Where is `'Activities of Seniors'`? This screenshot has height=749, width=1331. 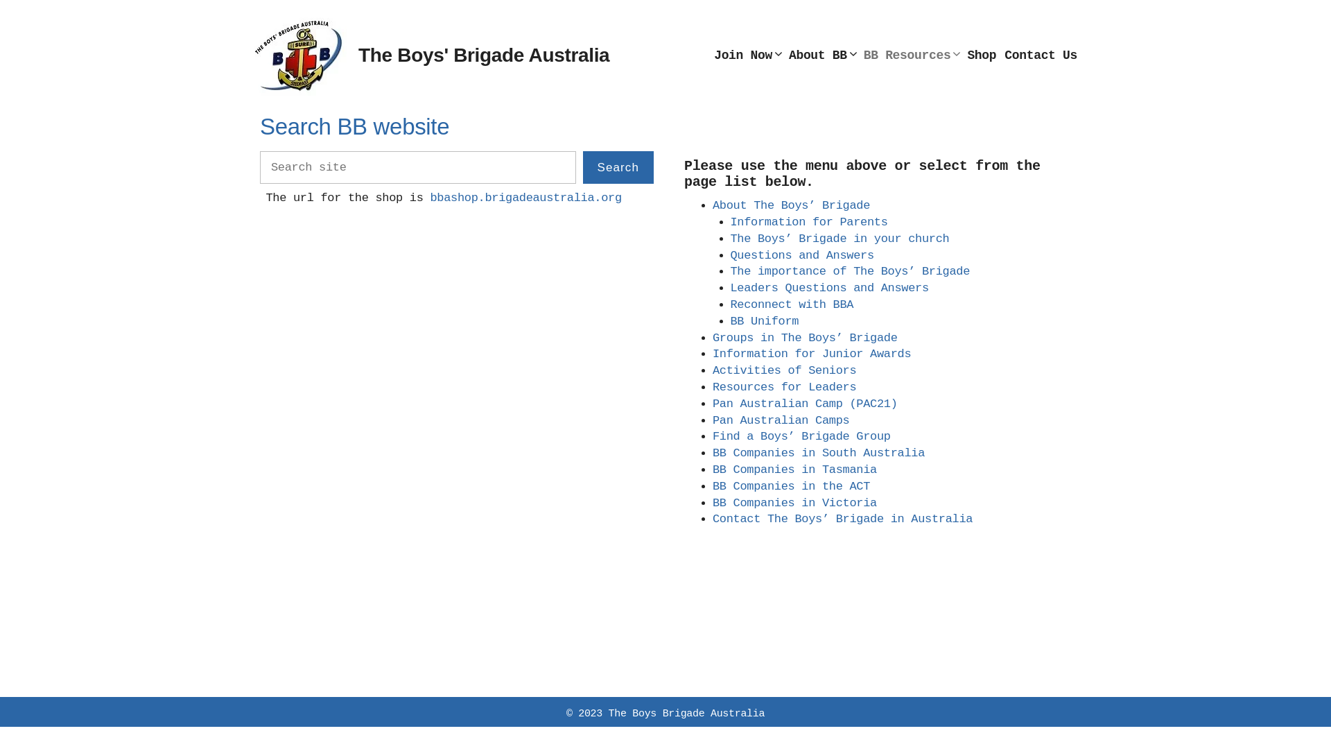 'Activities of Seniors' is located at coordinates (784, 370).